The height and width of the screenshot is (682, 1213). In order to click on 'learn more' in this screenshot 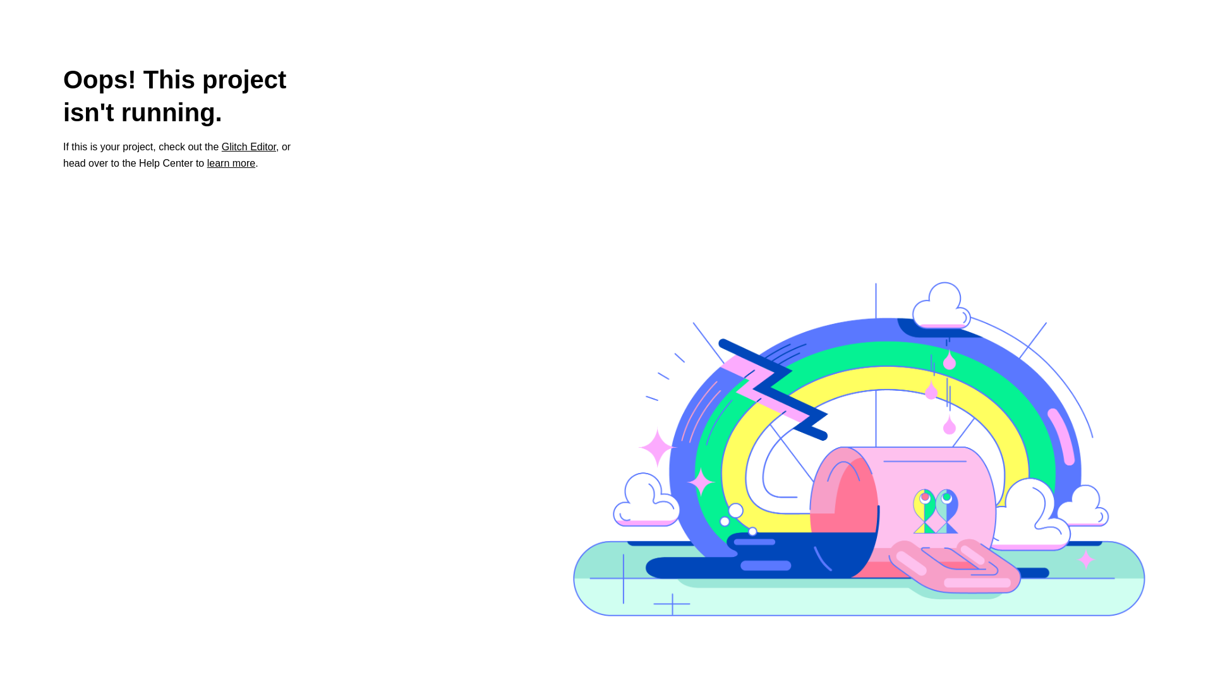, I will do `click(231, 162)`.